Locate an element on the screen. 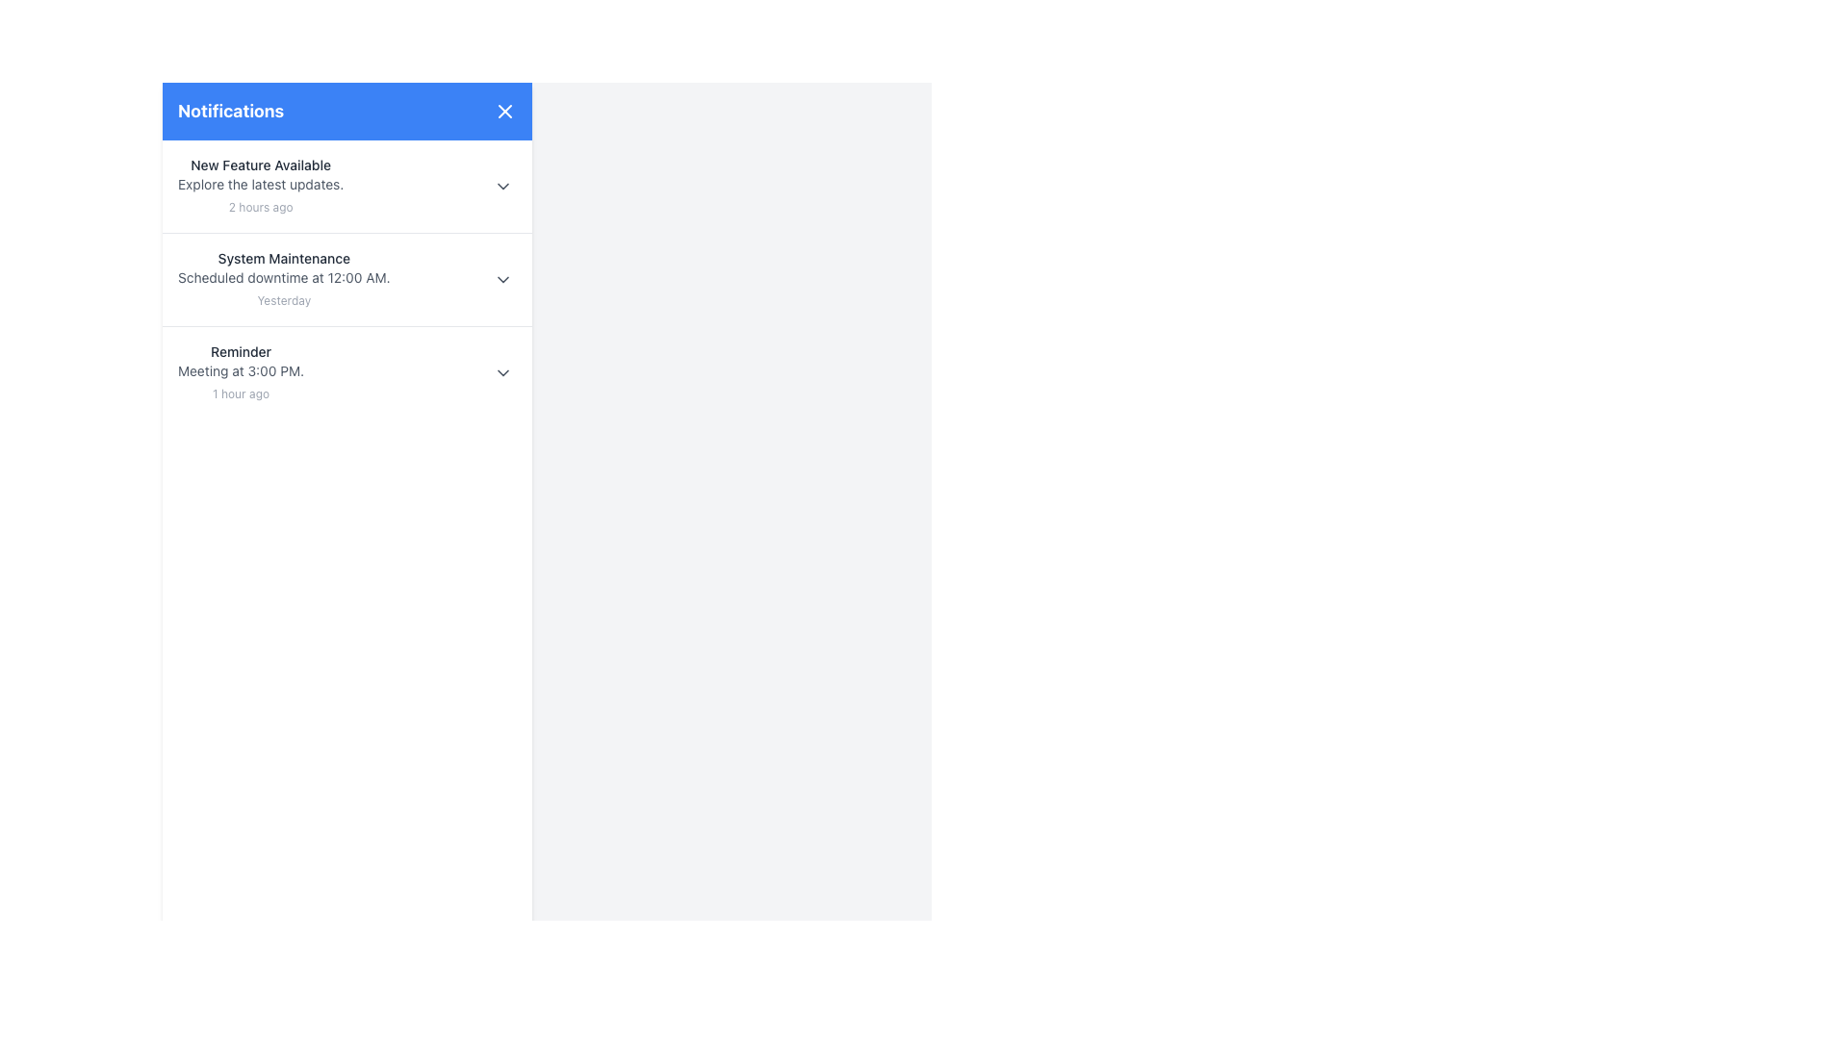  the close button located in the top-right corner of the blue 'Notifications' header is located at coordinates (504, 111).